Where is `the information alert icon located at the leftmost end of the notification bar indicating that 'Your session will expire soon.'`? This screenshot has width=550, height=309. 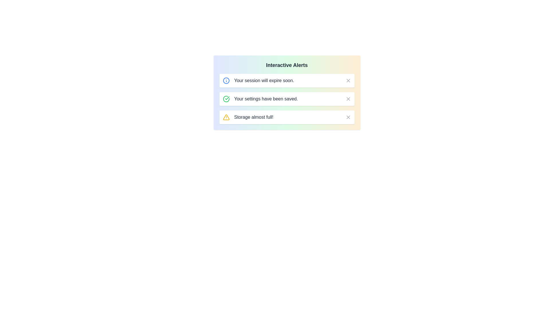
the information alert icon located at the leftmost end of the notification bar indicating that 'Your session will expire soon.' is located at coordinates (226, 80).